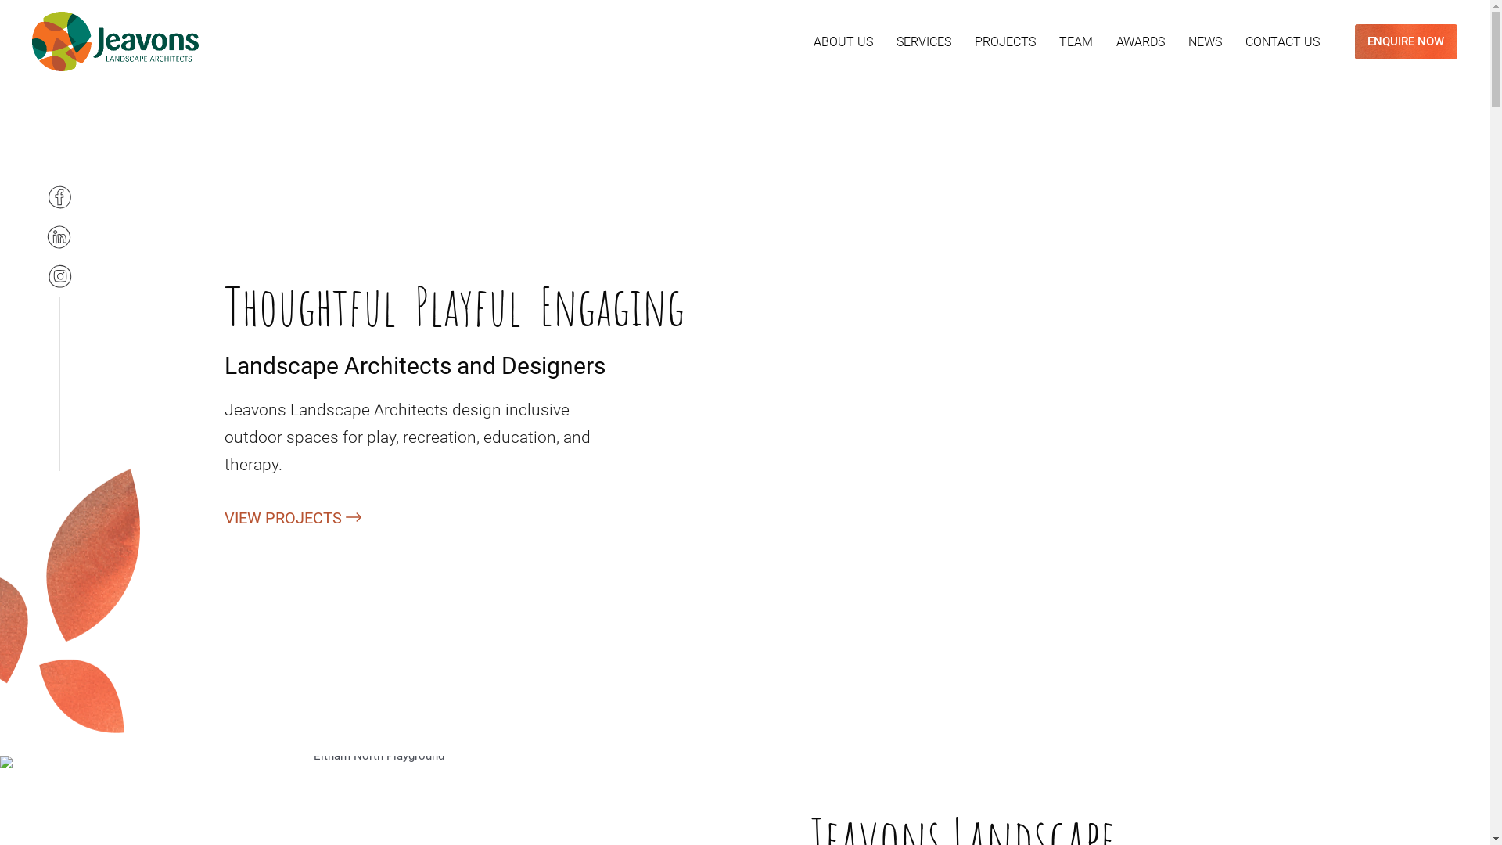 This screenshot has height=845, width=1502. Describe the element at coordinates (1075, 41) in the screenshot. I see `'TEAM'` at that location.